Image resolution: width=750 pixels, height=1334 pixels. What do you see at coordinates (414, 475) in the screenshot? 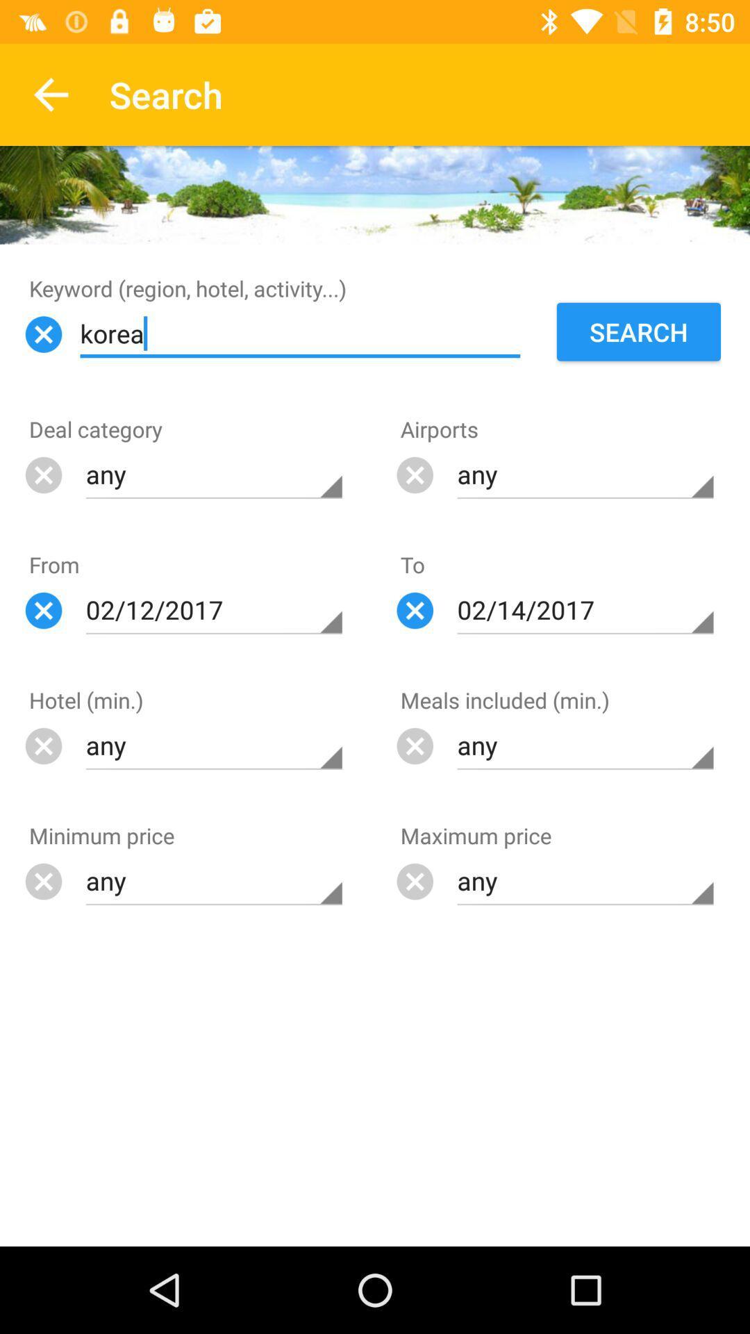
I see `the close icon` at bounding box center [414, 475].